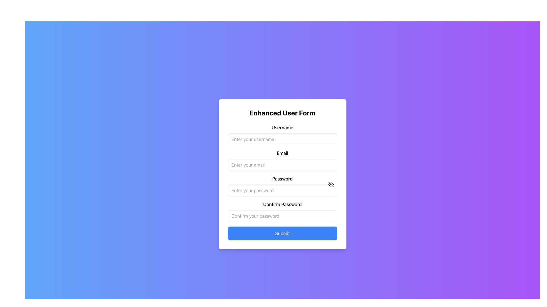 The image size is (547, 307). I want to click on label that serves as a context for the username input field, which is positioned immediately before the input box, so click(282, 127).